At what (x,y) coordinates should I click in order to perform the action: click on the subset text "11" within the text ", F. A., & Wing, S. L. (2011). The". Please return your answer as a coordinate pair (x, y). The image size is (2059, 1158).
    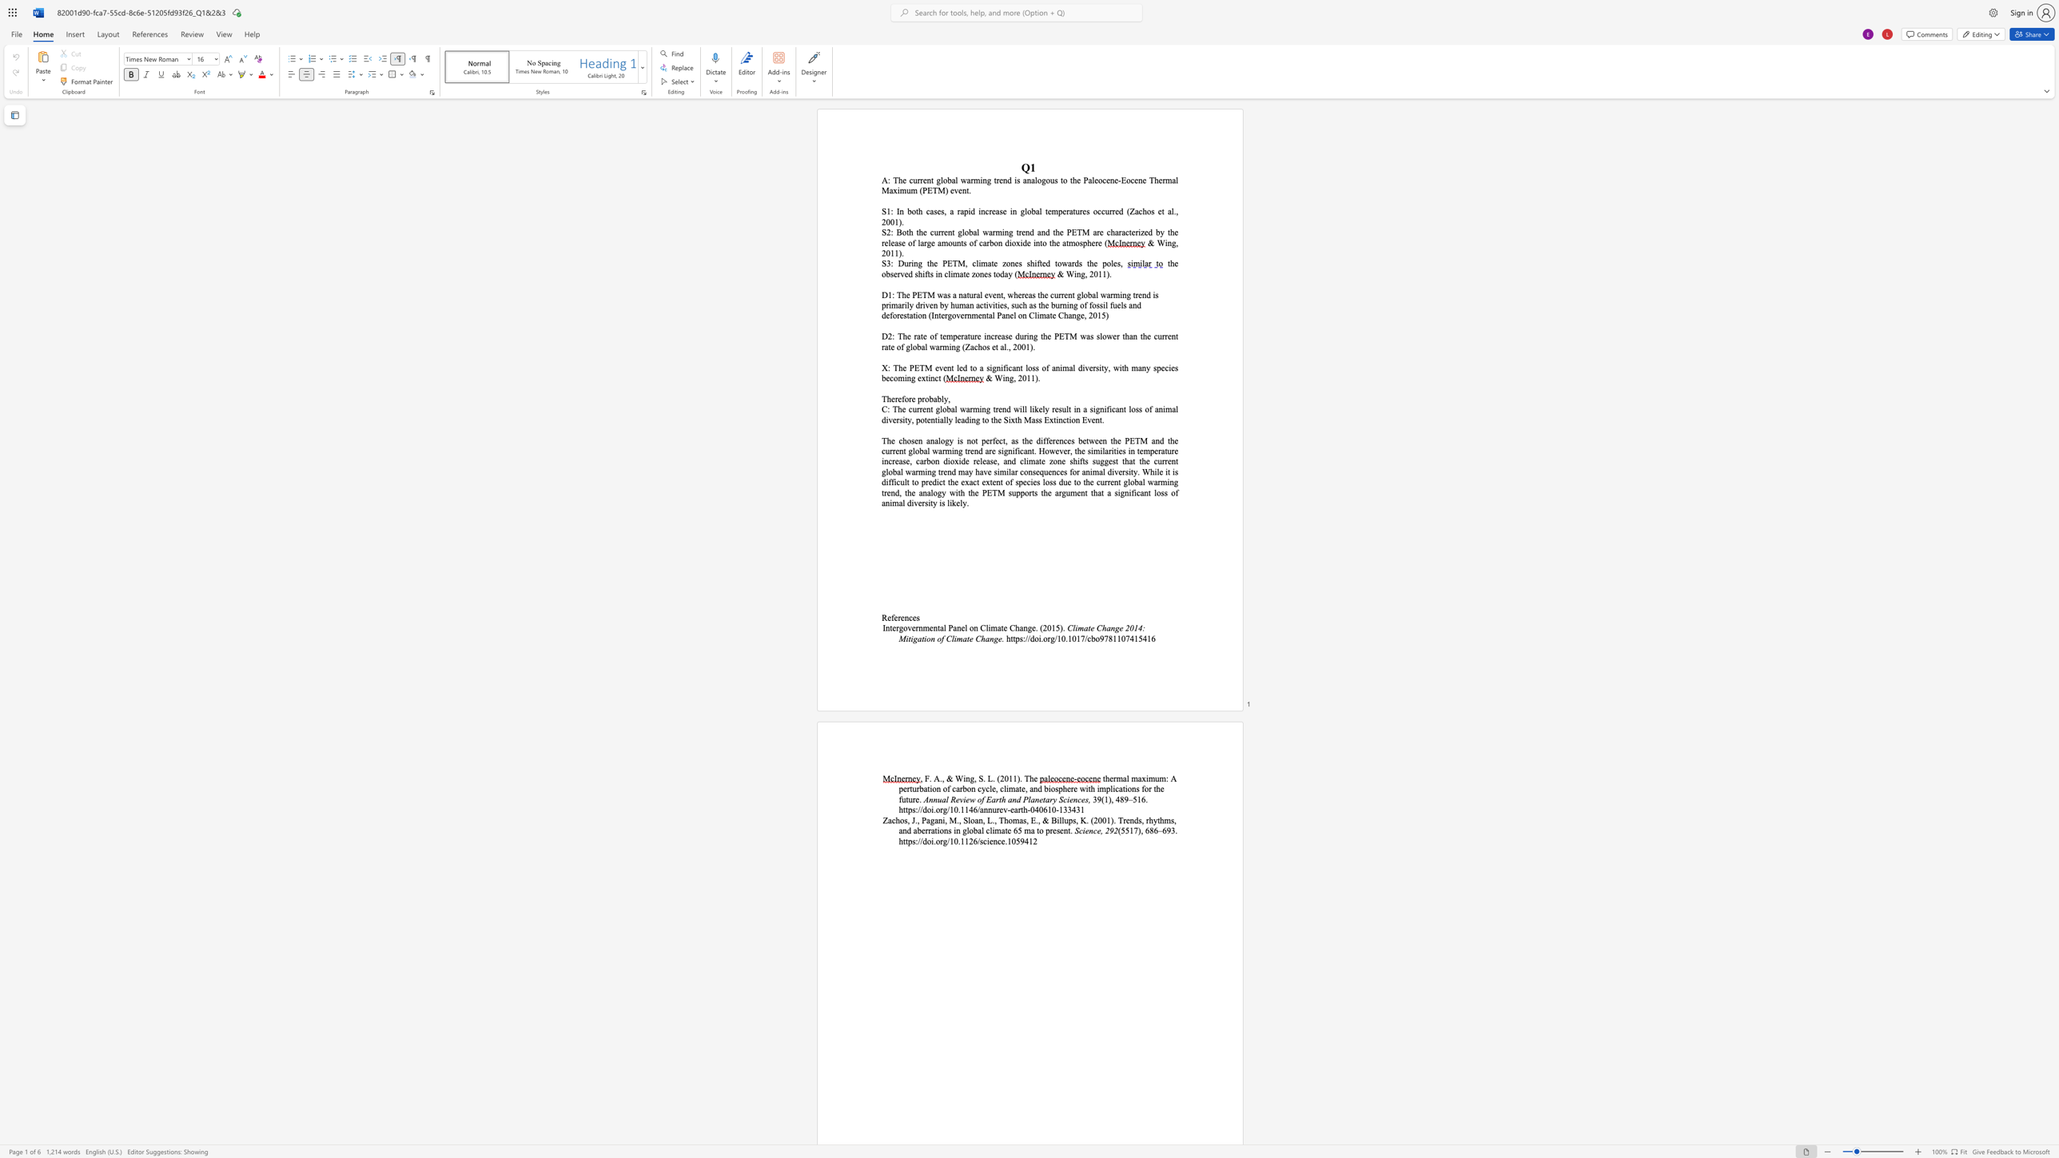
    Looking at the image, I should click on (1008, 778).